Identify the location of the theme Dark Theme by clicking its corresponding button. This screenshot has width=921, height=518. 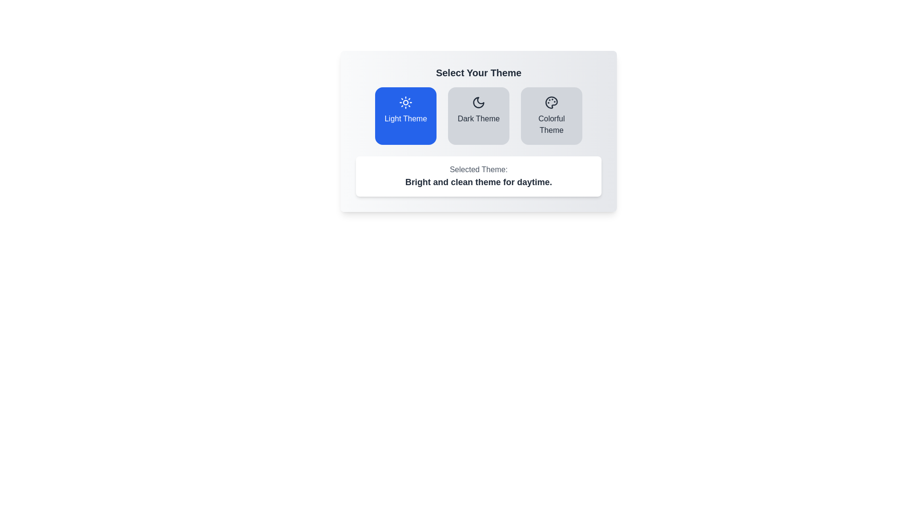
(479, 116).